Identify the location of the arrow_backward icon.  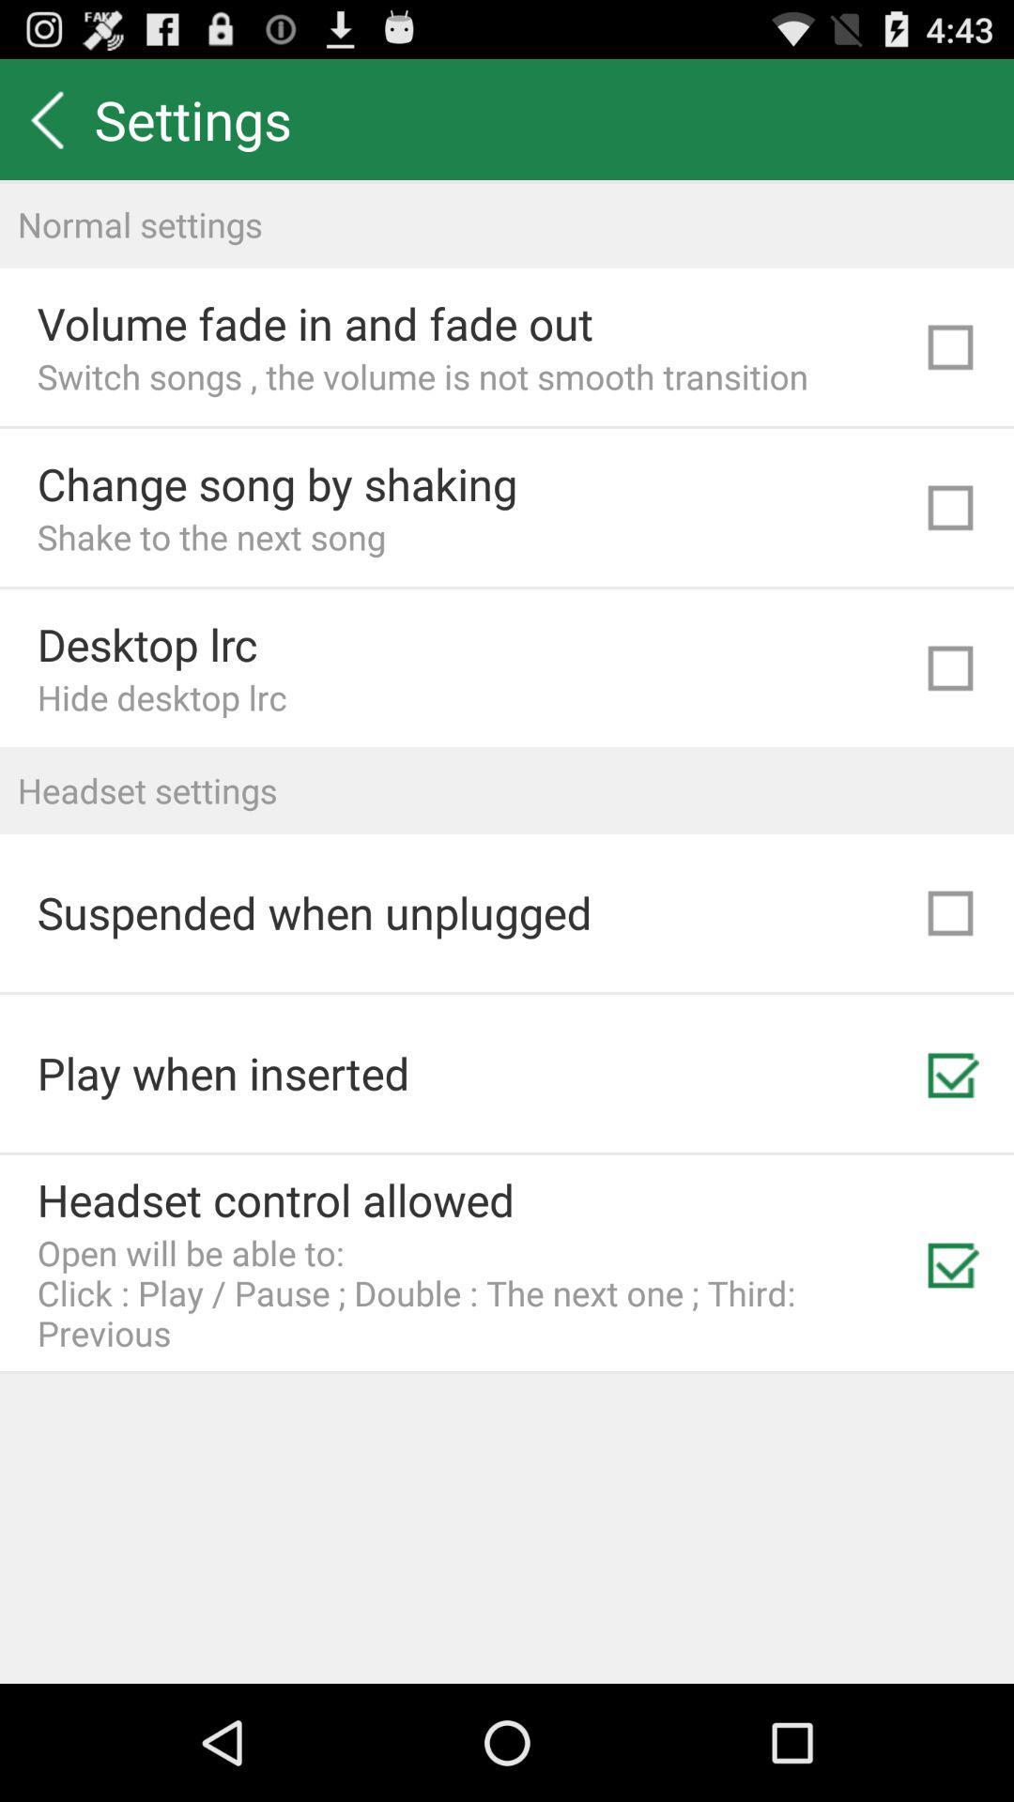
(46, 127).